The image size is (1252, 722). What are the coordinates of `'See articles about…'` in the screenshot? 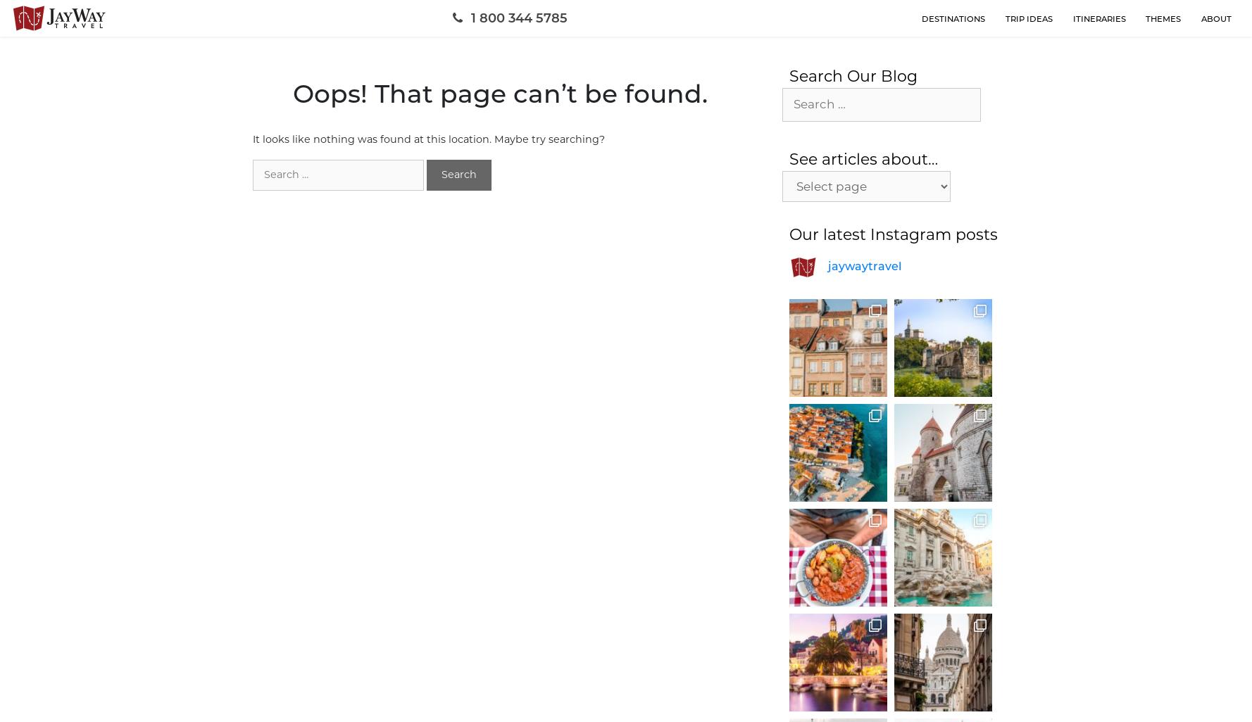 It's located at (863, 158).